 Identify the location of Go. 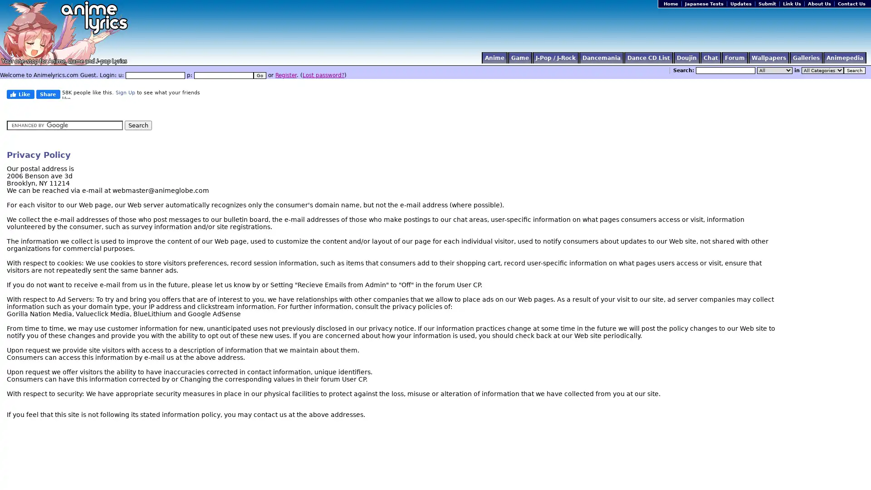
(259, 75).